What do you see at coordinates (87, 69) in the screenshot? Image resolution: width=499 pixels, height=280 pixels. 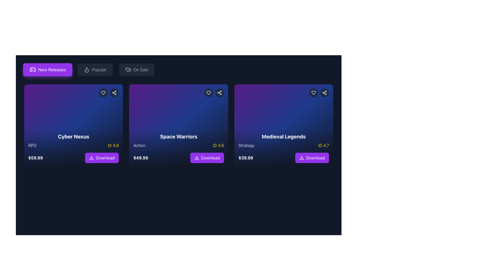 I see `the flame icon located to the left of the 'Popular' button in the navigation group` at bounding box center [87, 69].